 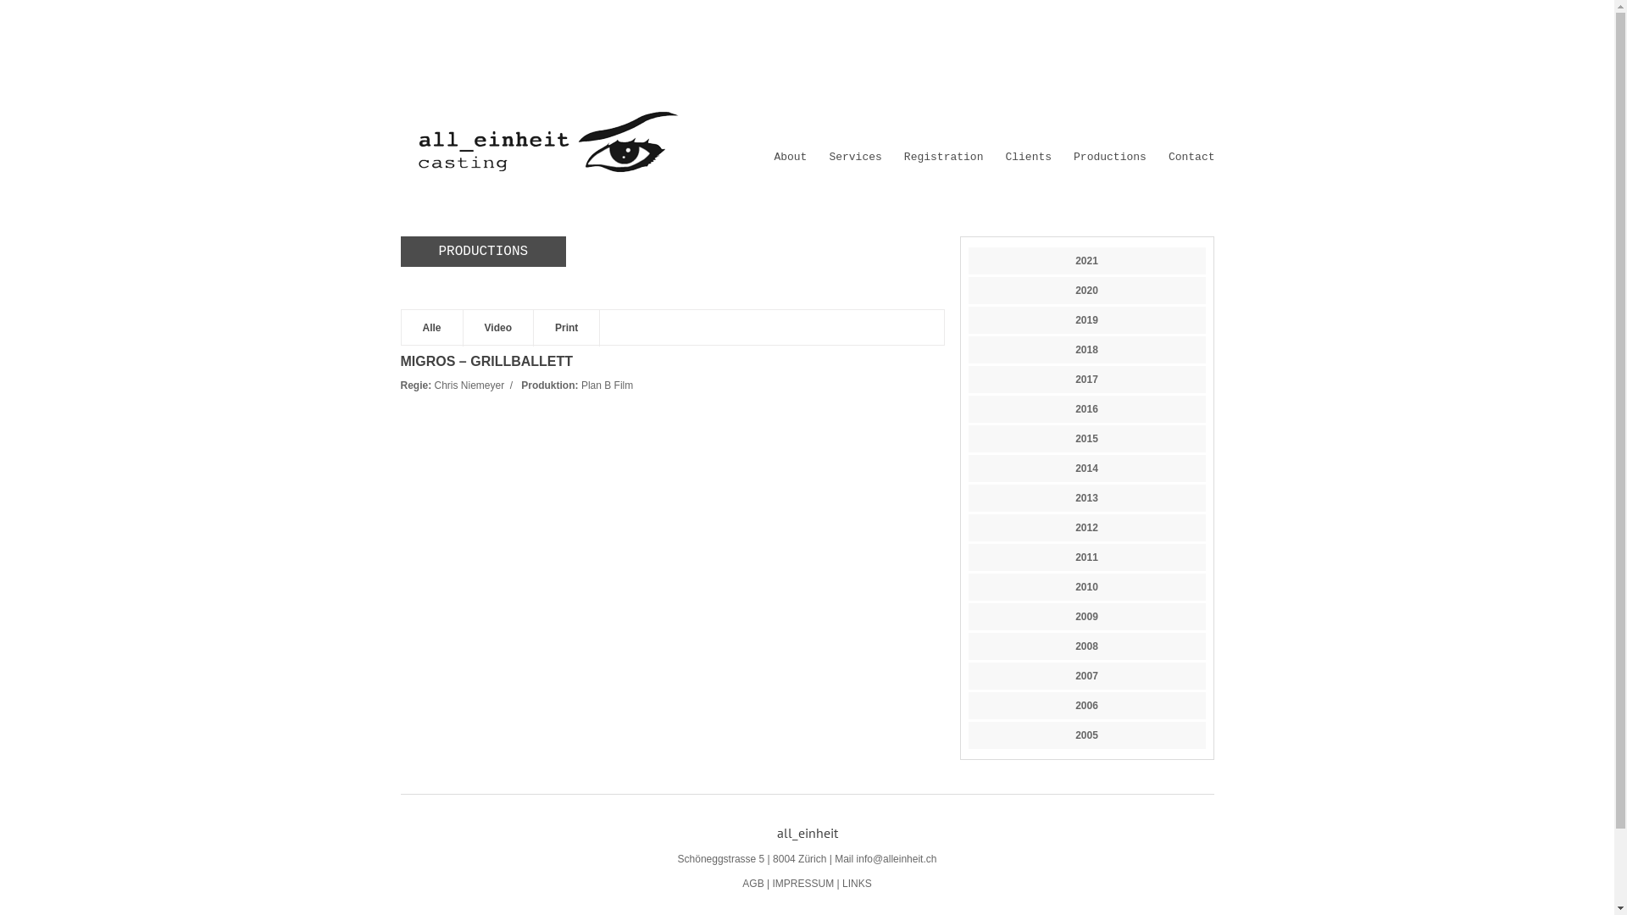 What do you see at coordinates (752, 882) in the screenshot?
I see `'AGB'` at bounding box center [752, 882].